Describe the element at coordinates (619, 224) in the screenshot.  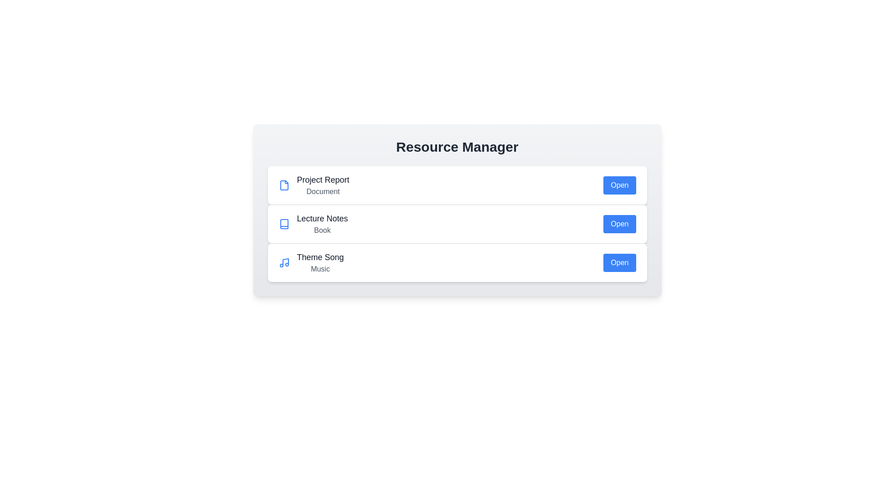
I see `'Open' button for the resource identified by Lecture Notes` at that location.